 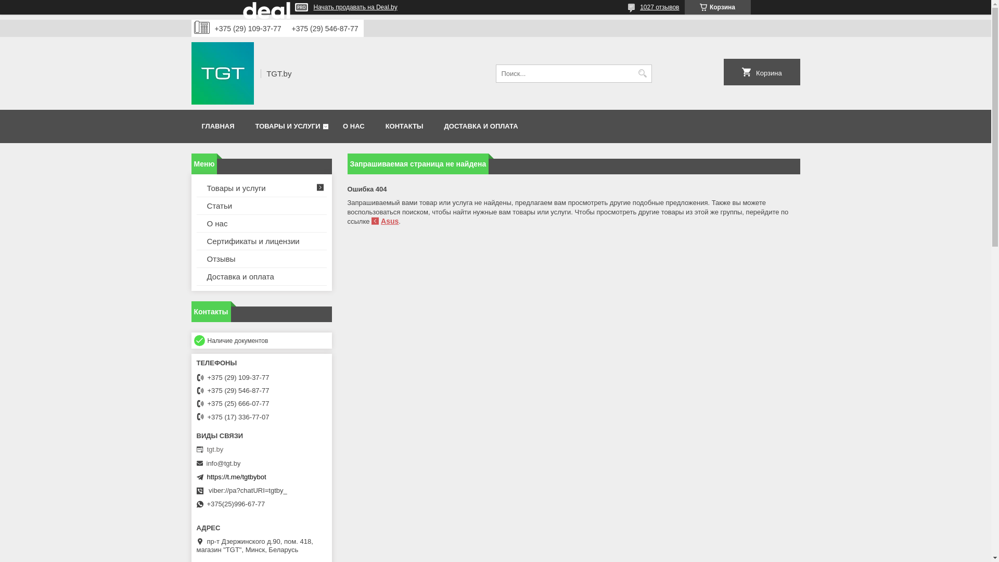 What do you see at coordinates (236, 477) in the screenshot?
I see `'https://t.me/tgtbybot'` at bounding box center [236, 477].